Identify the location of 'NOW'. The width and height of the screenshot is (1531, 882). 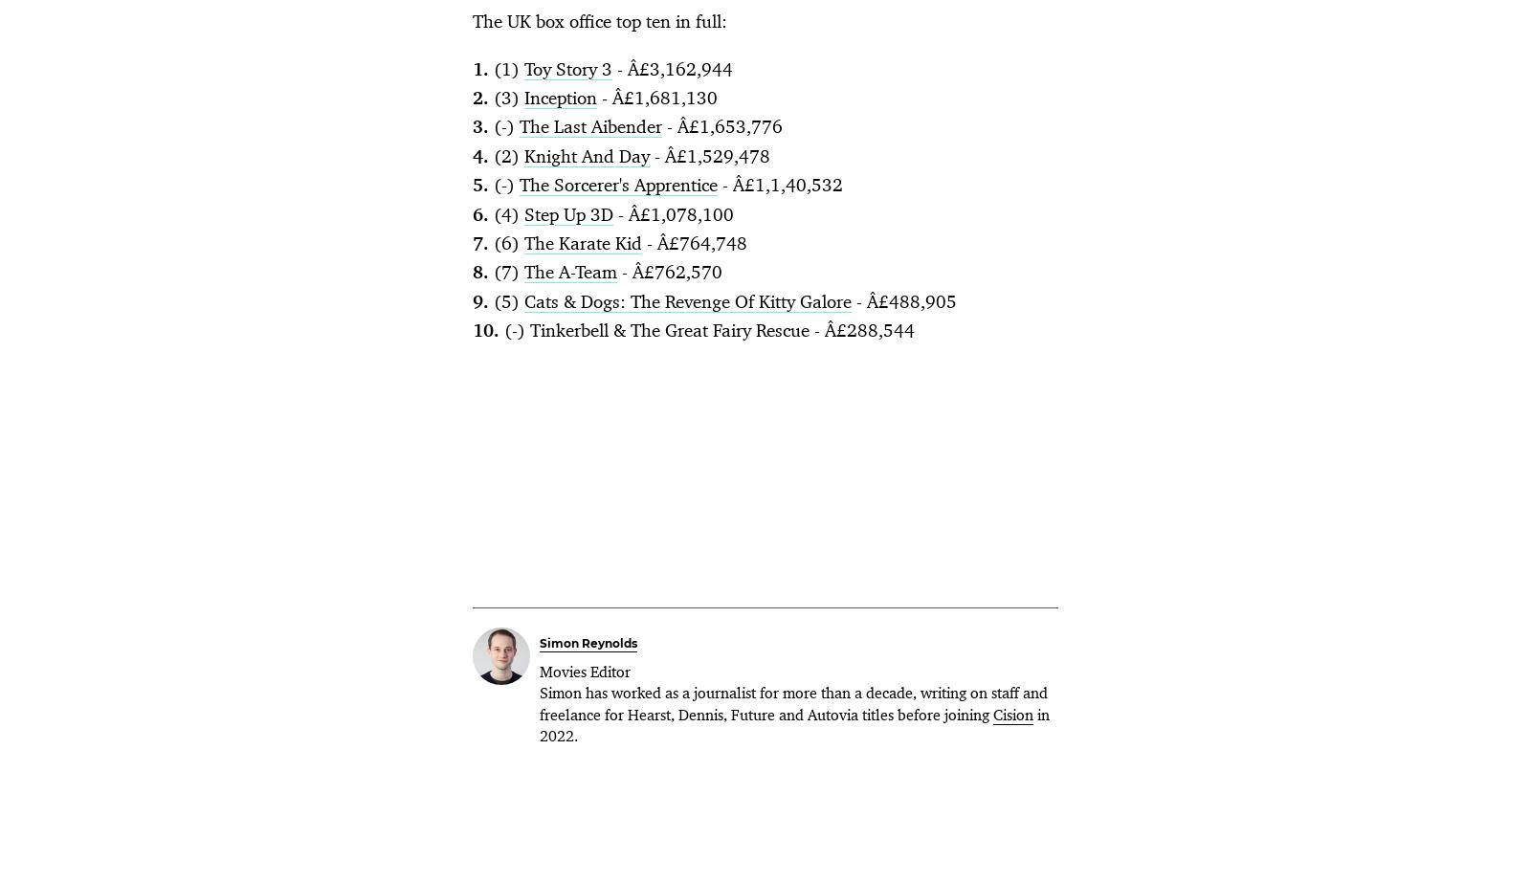
(1049, 370).